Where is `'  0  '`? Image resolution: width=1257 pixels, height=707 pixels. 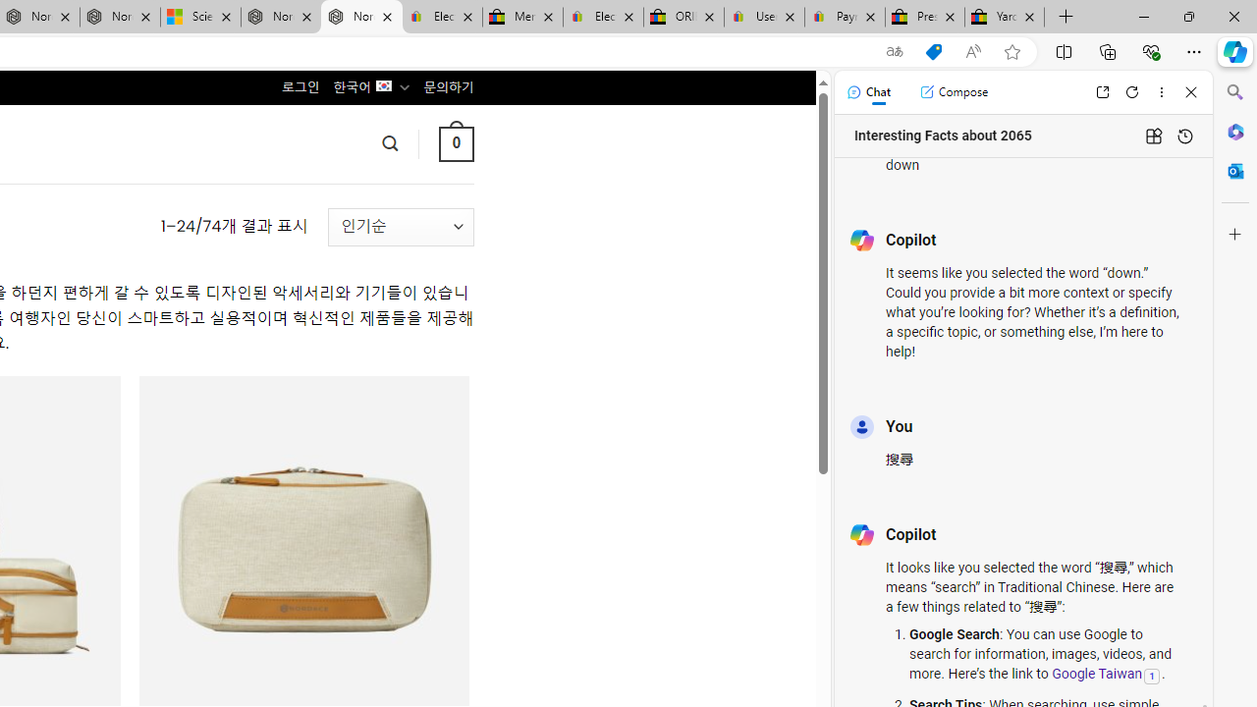 '  0  ' is located at coordinates (455, 142).